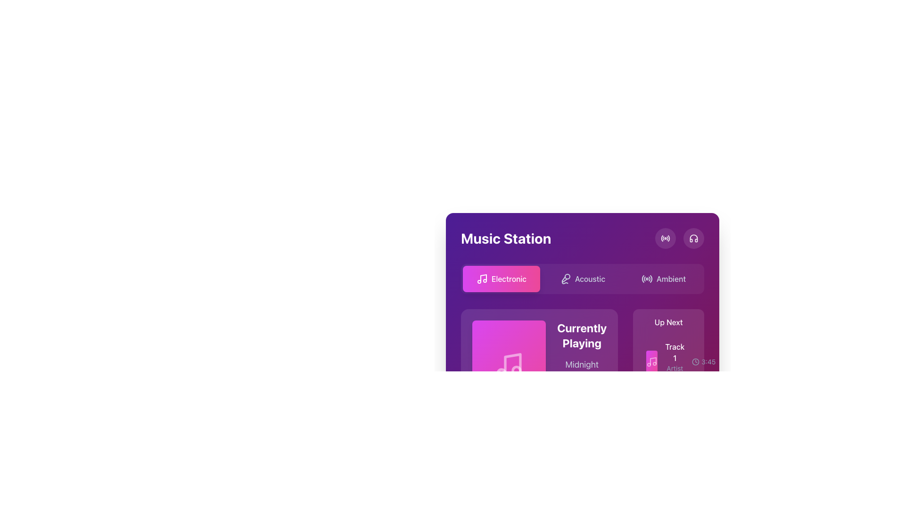  Describe the element at coordinates (651, 361) in the screenshot. I see `the stylized musical note icon button, which is located centrally within a circular area with a gradient background in the 'Electronic' section of the music selection interface` at that location.